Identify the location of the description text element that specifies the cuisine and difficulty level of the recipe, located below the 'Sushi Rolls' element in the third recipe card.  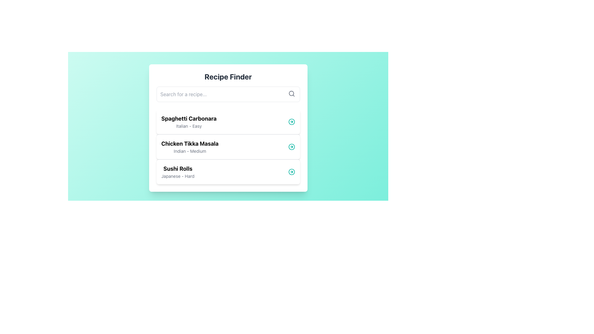
(178, 176).